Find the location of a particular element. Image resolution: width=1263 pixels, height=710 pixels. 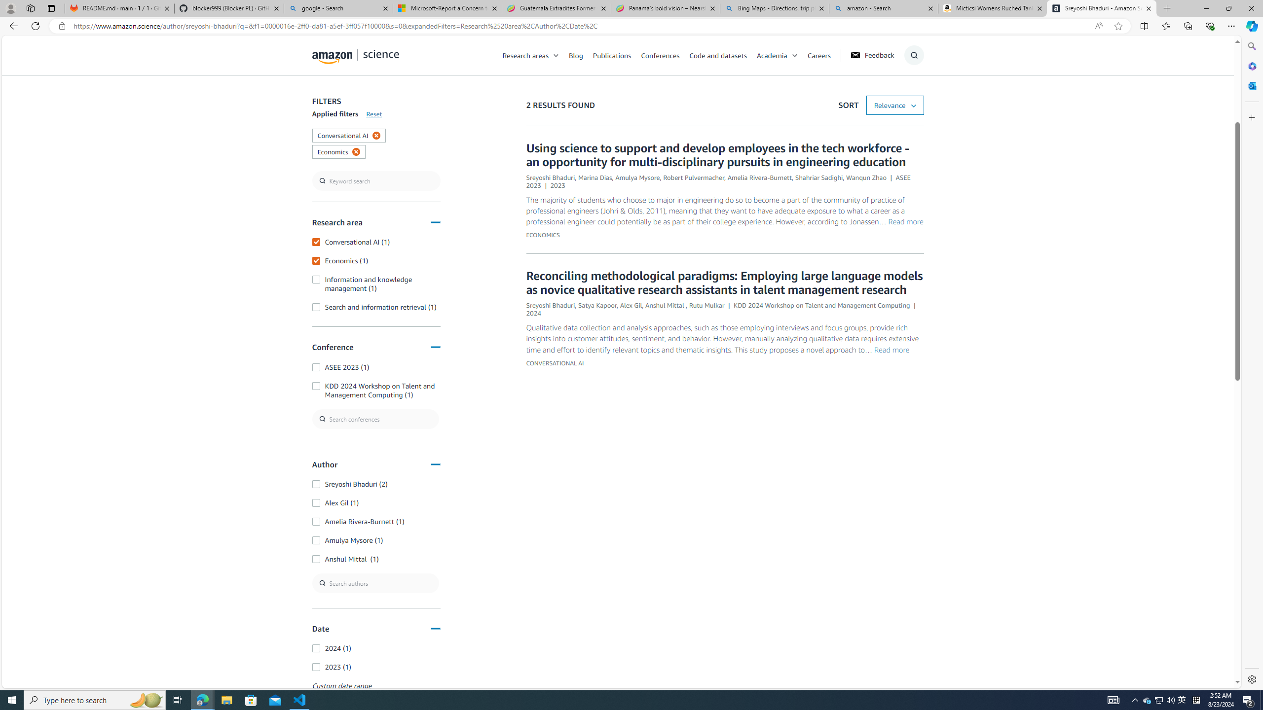

'Robert Pulvermacher' is located at coordinates (694, 177).